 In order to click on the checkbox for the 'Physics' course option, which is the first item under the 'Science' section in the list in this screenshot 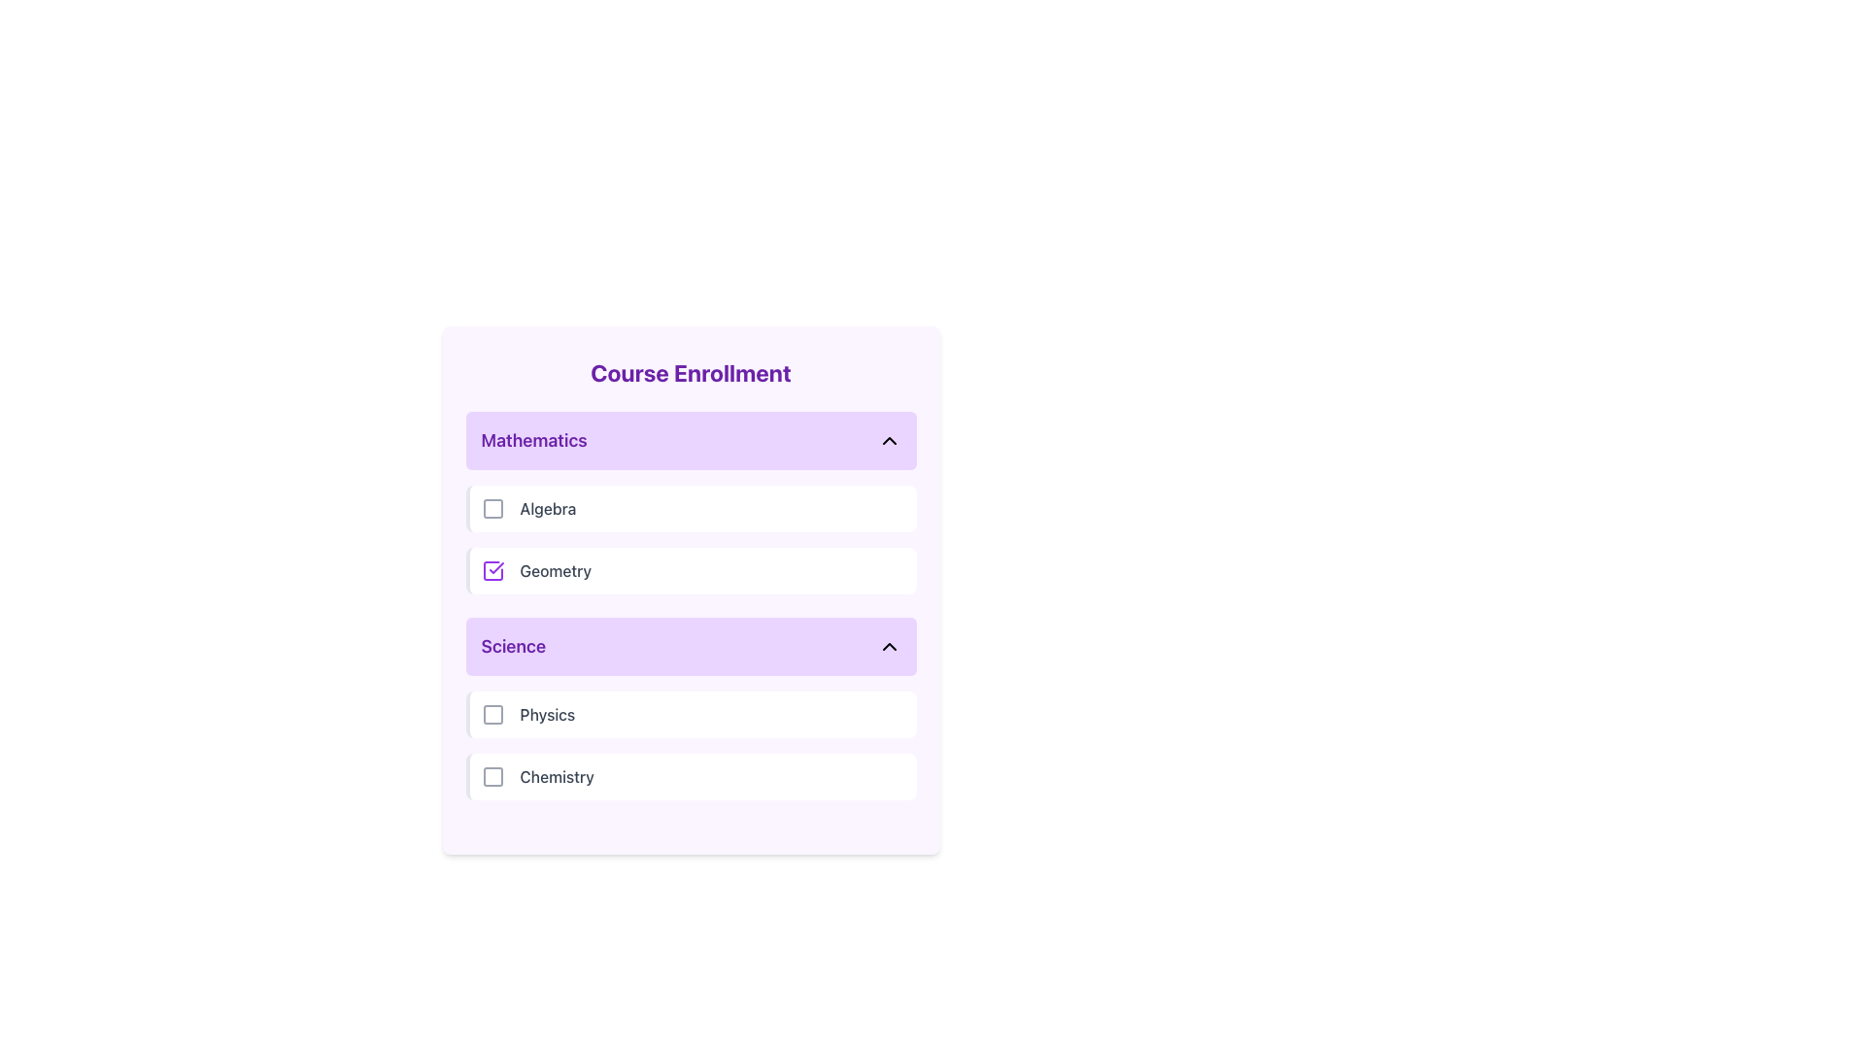, I will do `click(691, 715)`.